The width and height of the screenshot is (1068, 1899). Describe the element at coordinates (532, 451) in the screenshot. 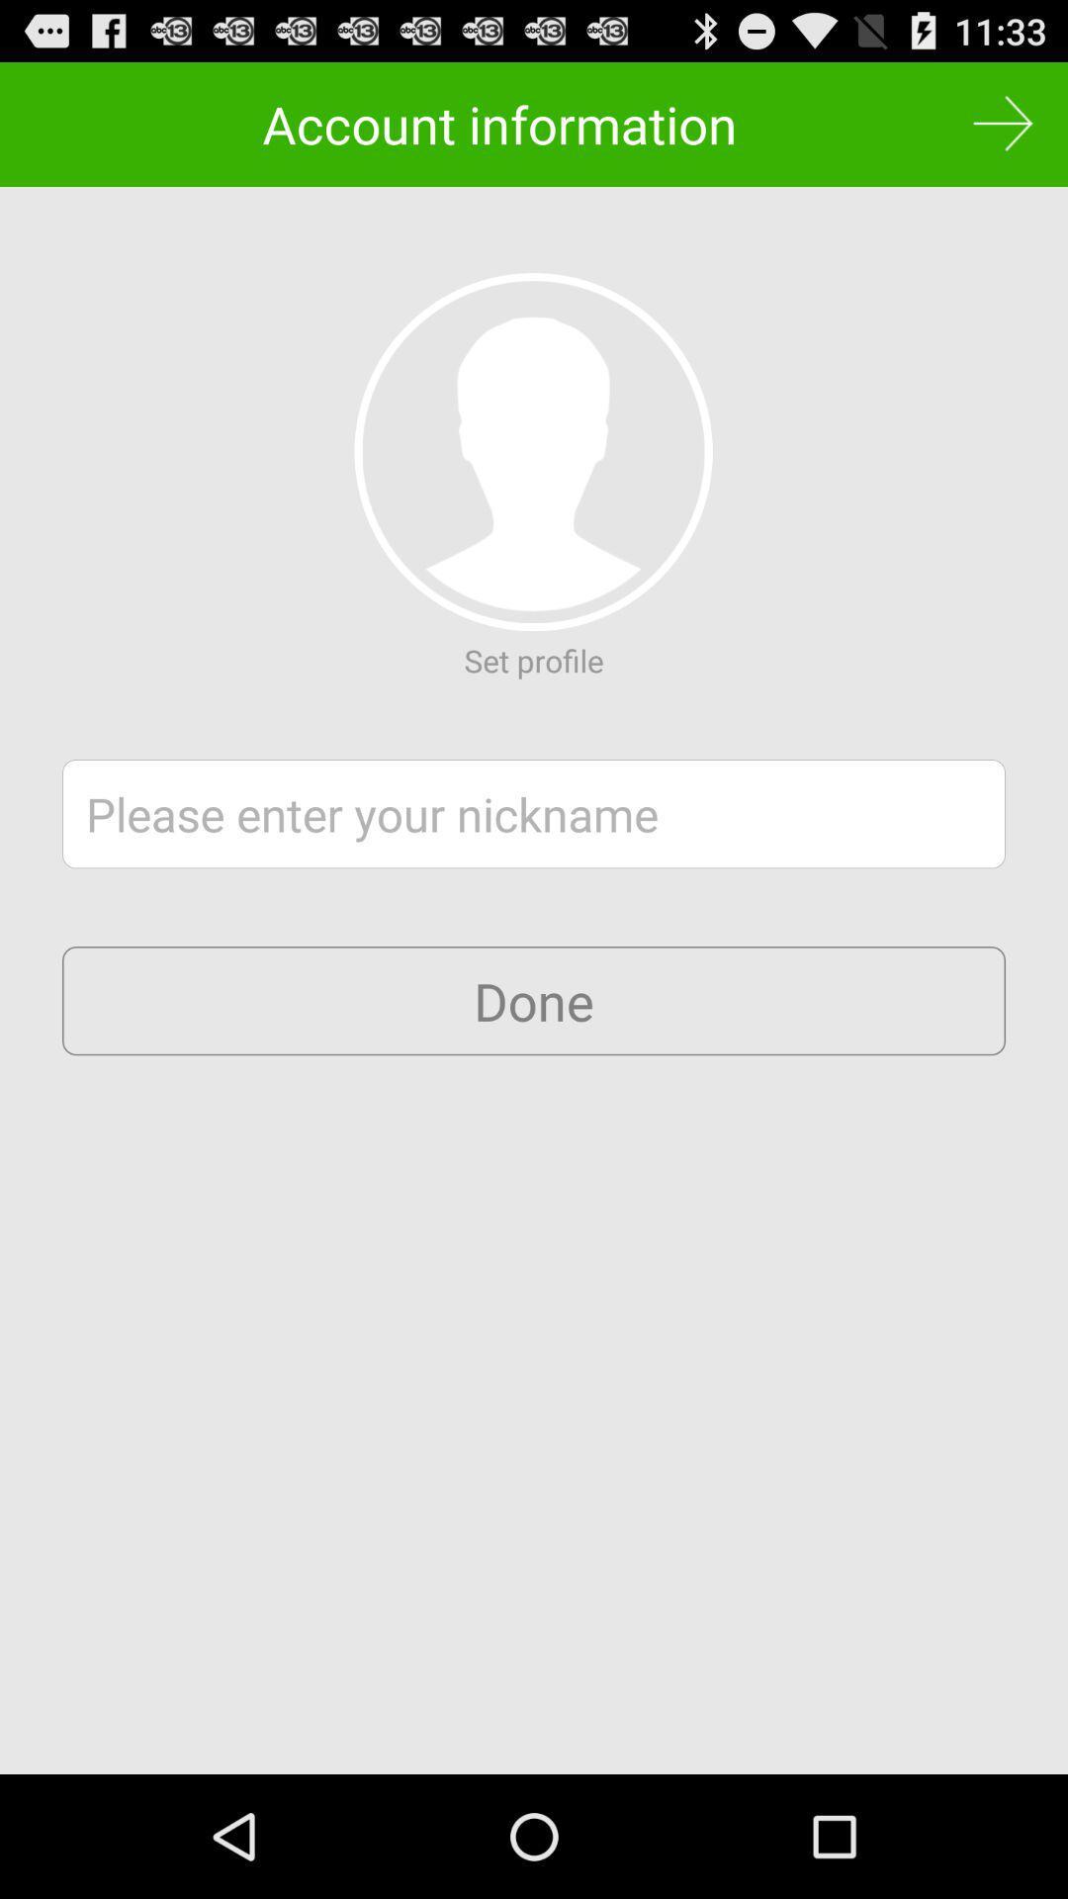

I see `tap to select your profile picture for your account` at that location.